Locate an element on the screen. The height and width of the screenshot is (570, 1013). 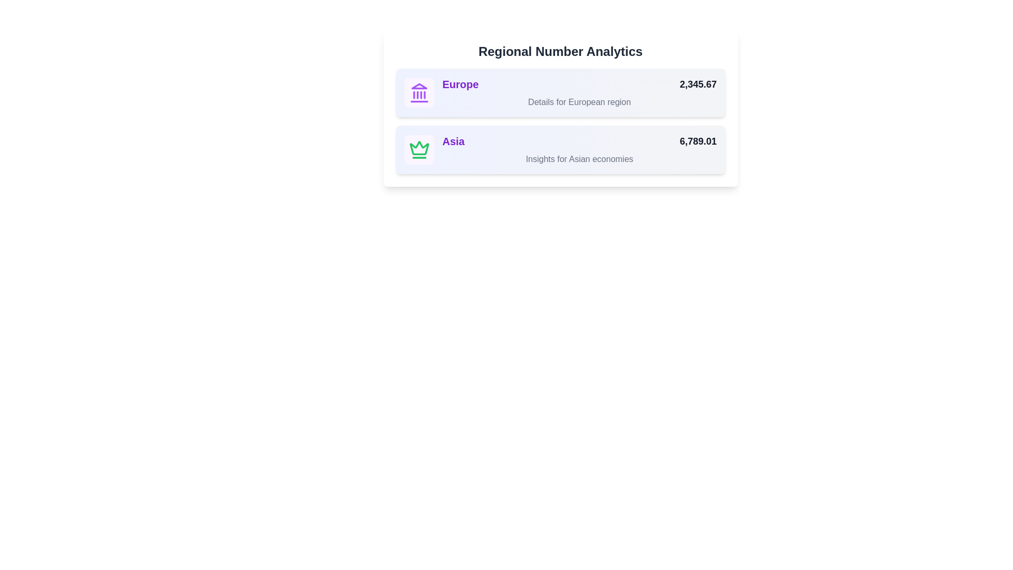
the textual element displaying 'Insights for Asian economies' in light gray font, located below the section labeled 'Asia' and aligned with other text elements is located at coordinates (579, 159).